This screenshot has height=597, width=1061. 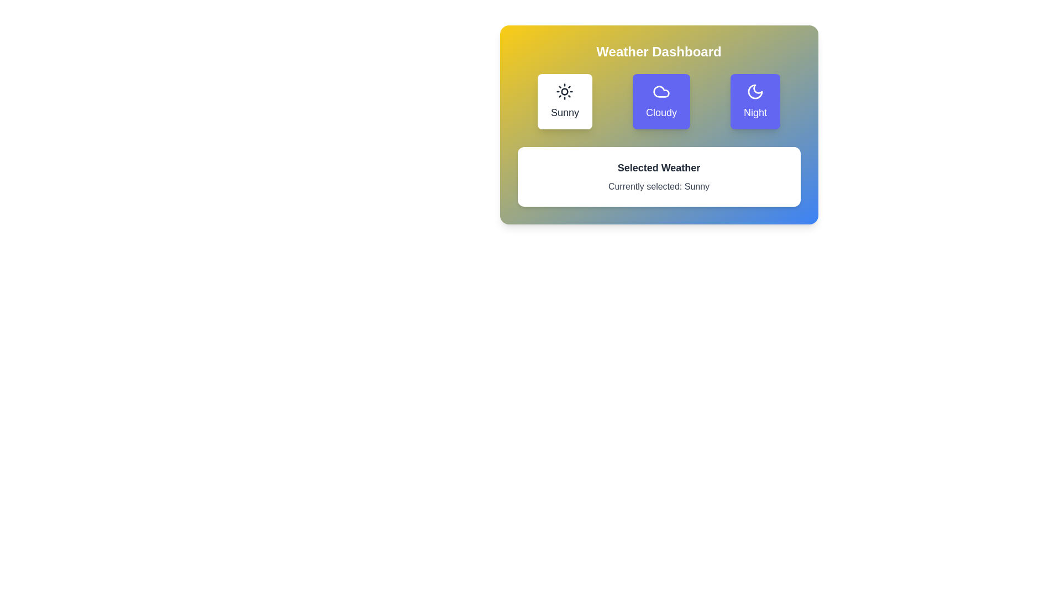 What do you see at coordinates (661, 91) in the screenshot?
I see `the 'Cloudy' weather icon located in the middle of the weather options row on the dashboard` at bounding box center [661, 91].